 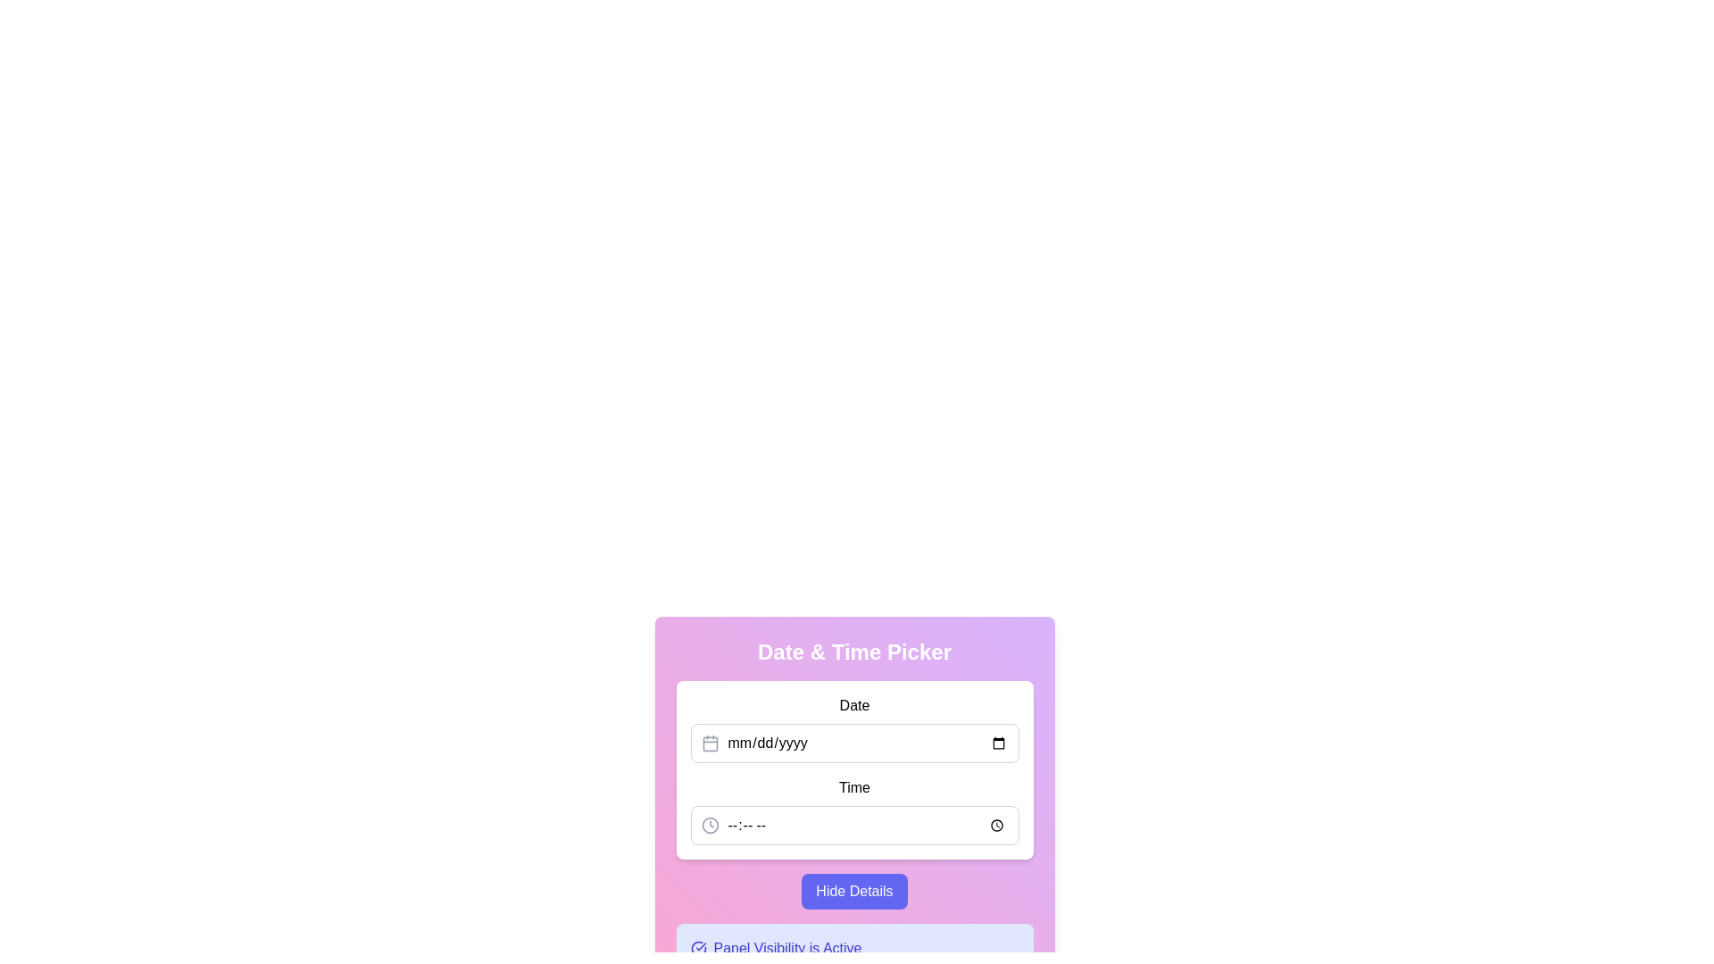 What do you see at coordinates (709, 826) in the screenshot?
I see `the input field associated with the clock icon` at bounding box center [709, 826].